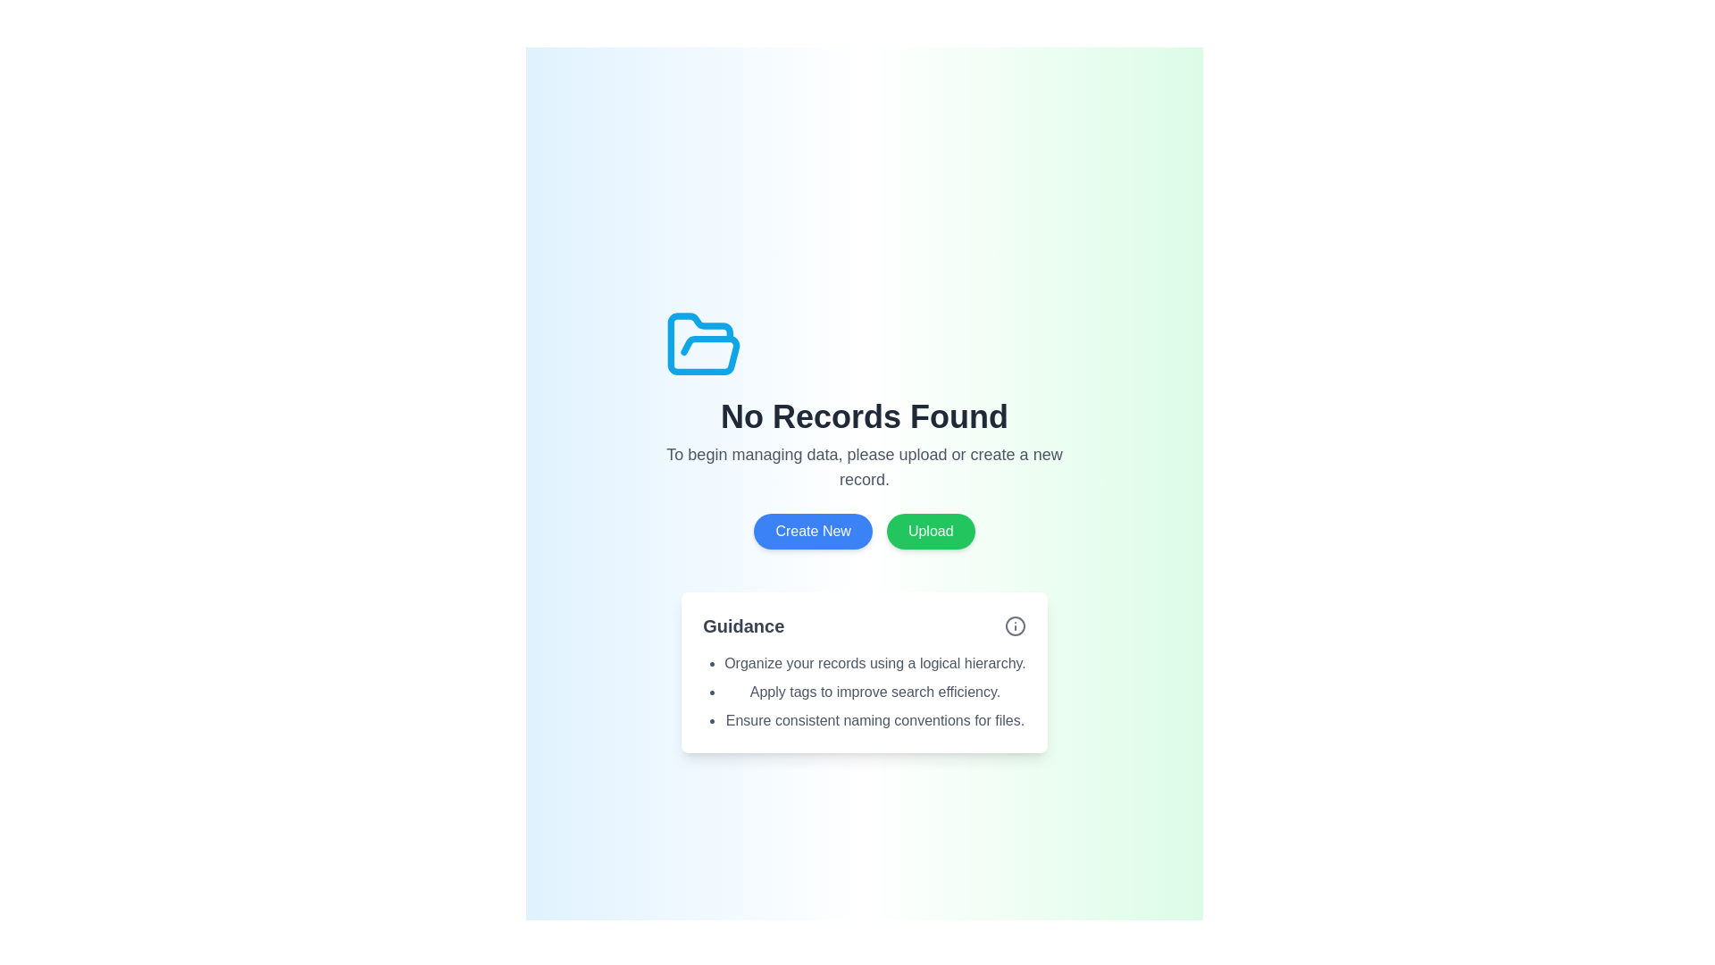 The image size is (1715, 965). Describe the element at coordinates (865, 466) in the screenshot. I see `the informational message prompting the user to upload data or create a new record, located centrally on the page between the 'No Records Found' heading and the buttons below it` at that location.